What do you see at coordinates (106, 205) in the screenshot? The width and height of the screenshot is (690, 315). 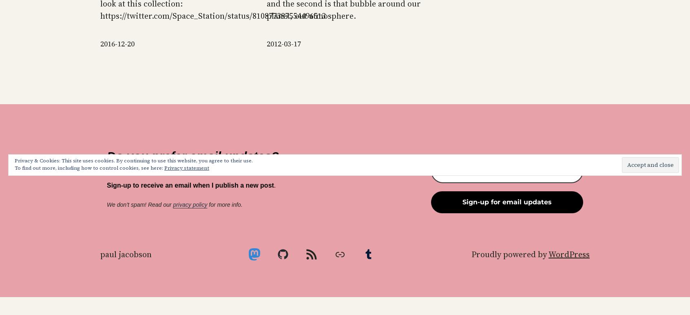 I see `'We don’t spam! Read our'` at bounding box center [106, 205].